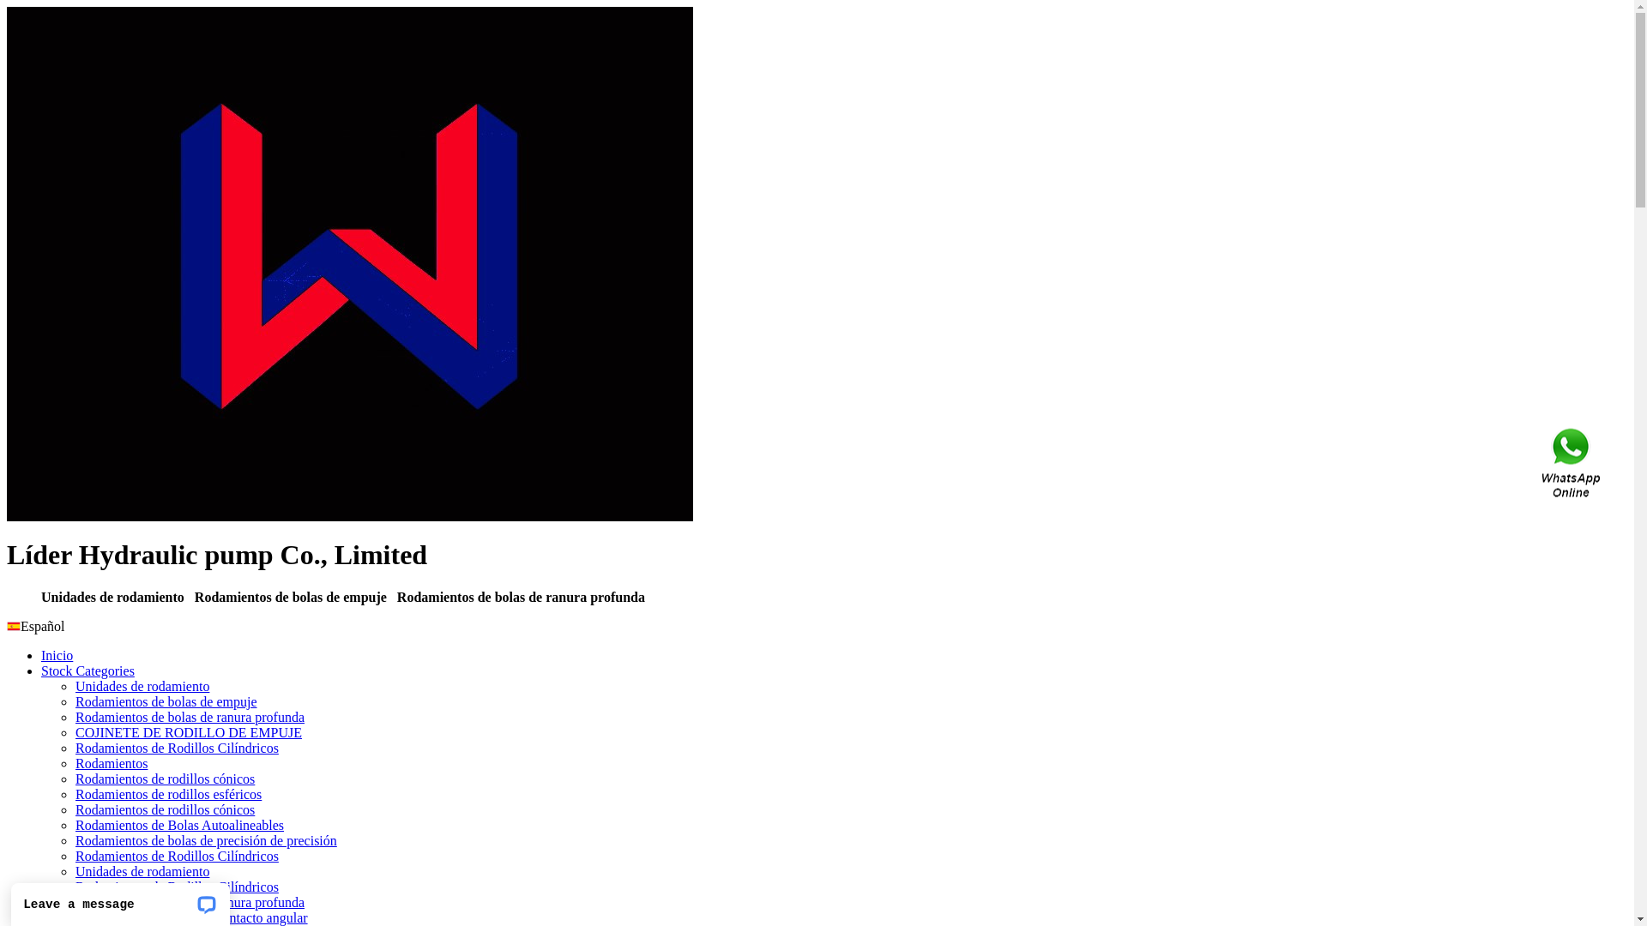  What do you see at coordinates (87, 670) in the screenshot?
I see `'Stock Categories'` at bounding box center [87, 670].